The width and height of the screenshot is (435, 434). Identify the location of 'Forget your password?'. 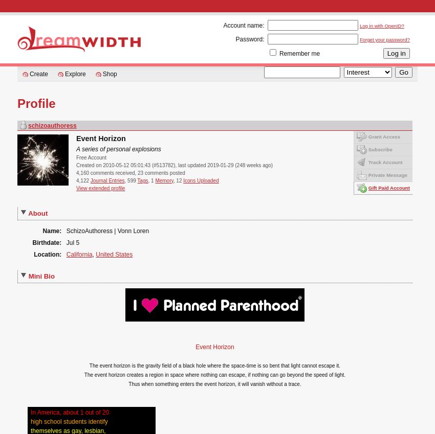
(359, 39).